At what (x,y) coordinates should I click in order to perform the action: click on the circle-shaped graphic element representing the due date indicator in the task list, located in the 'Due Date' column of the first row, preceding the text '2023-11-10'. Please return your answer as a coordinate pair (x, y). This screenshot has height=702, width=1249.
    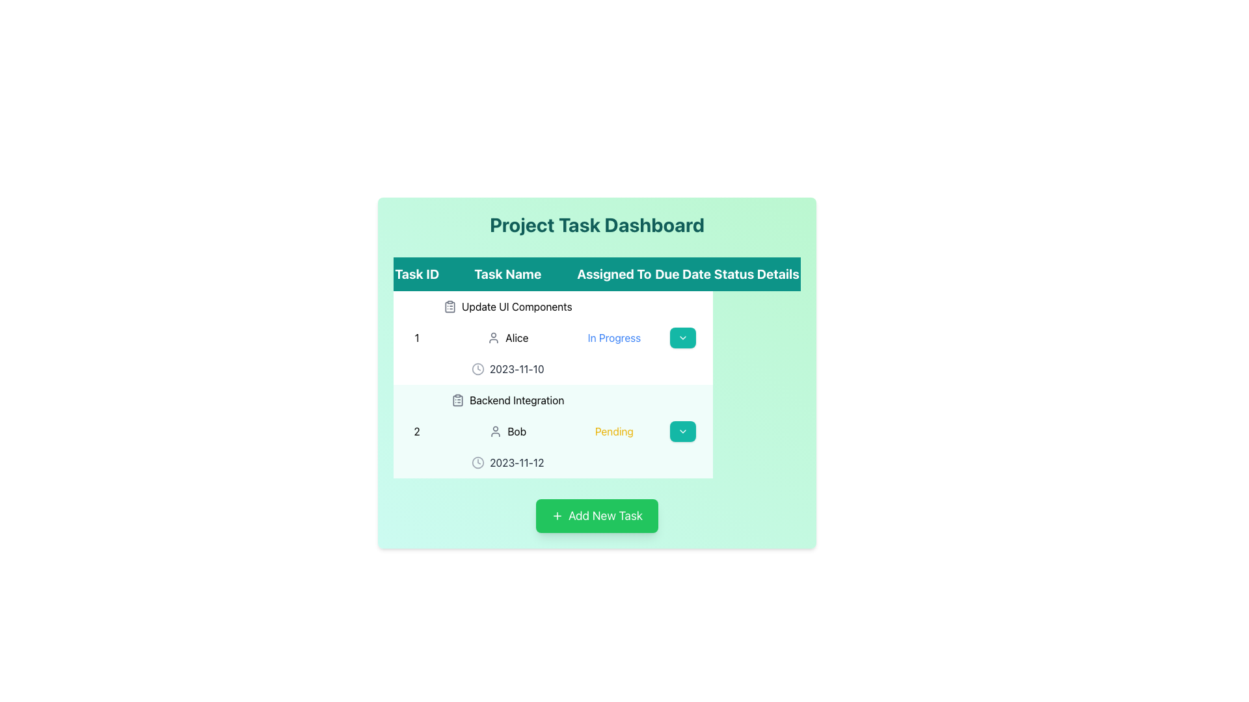
    Looking at the image, I should click on (477, 369).